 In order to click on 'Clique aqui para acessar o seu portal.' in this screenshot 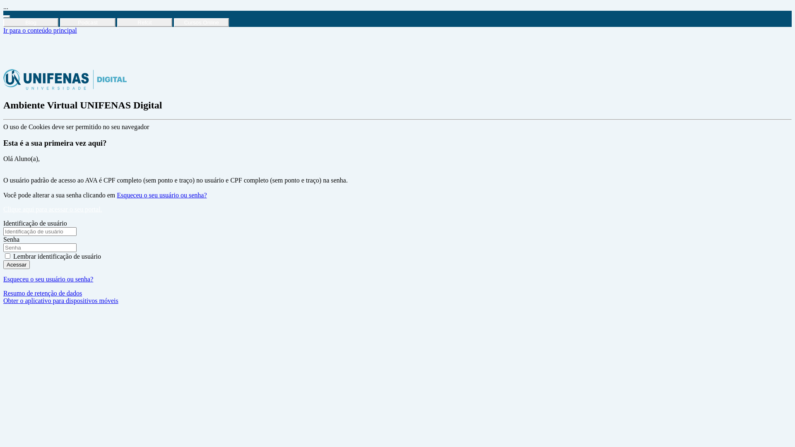, I will do `click(3, 209)`.